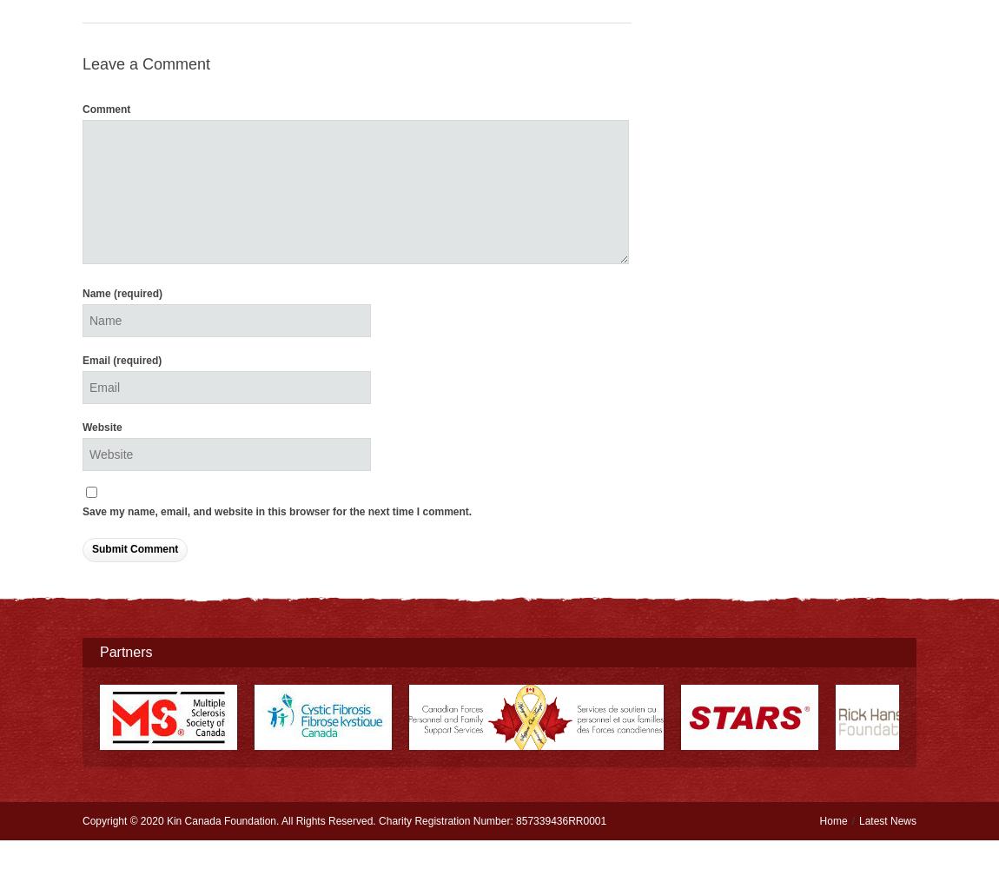 This screenshot has width=999, height=869. Describe the element at coordinates (145, 63) in the screenshot. I see `'Leave a Comment'` at that location.